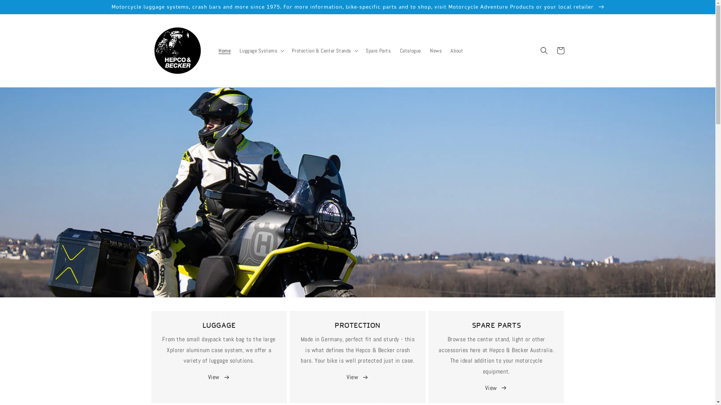  Describe the element at coordinates (456, 51) in the screenshot. I see `'About'` at that location.